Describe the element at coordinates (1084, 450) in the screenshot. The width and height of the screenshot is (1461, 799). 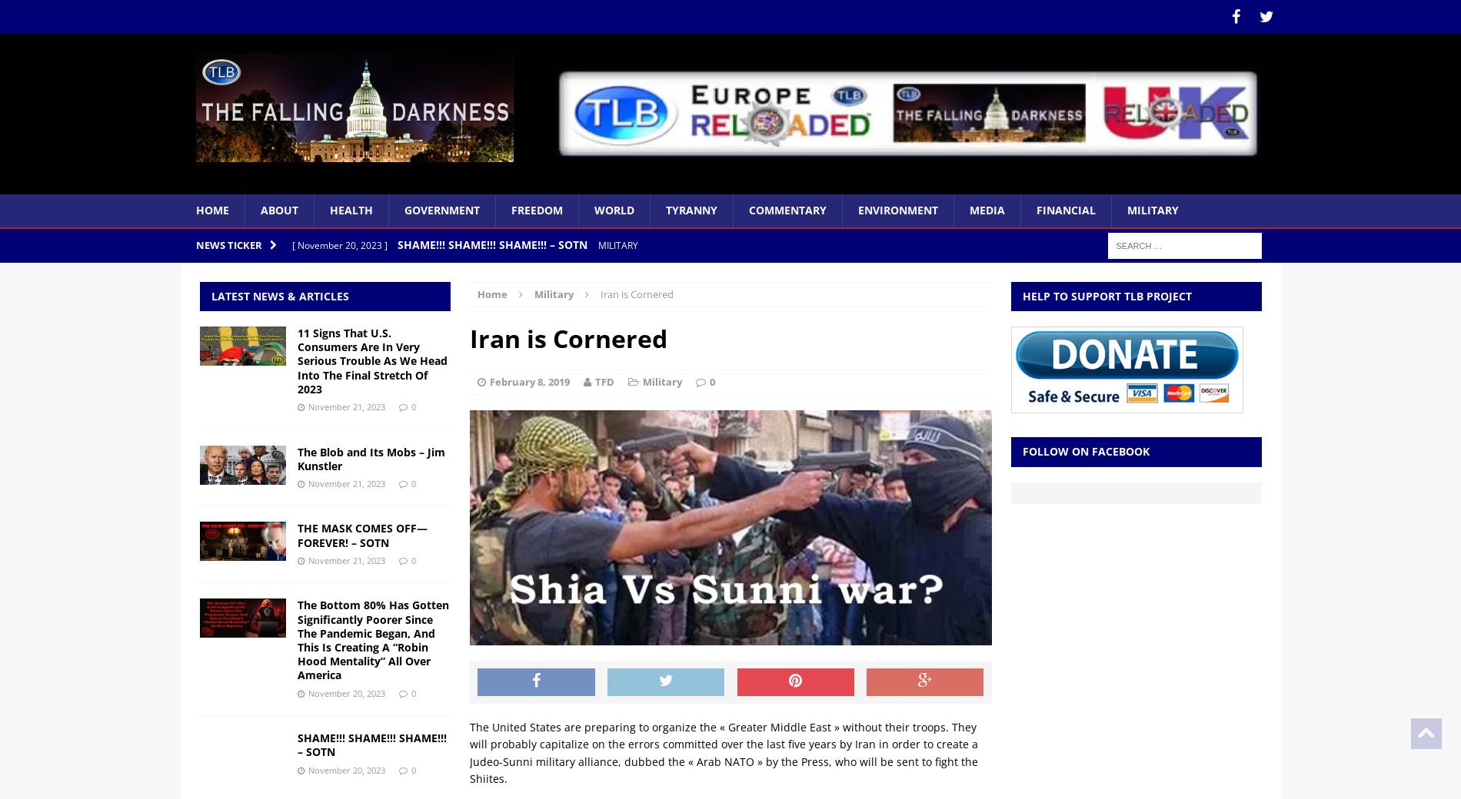
I see `'Follow on Facebook'` at that location.